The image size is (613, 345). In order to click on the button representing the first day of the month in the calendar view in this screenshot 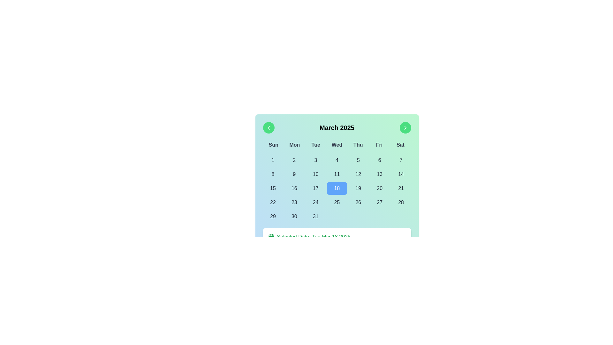, I will do `click(273, 160)`.